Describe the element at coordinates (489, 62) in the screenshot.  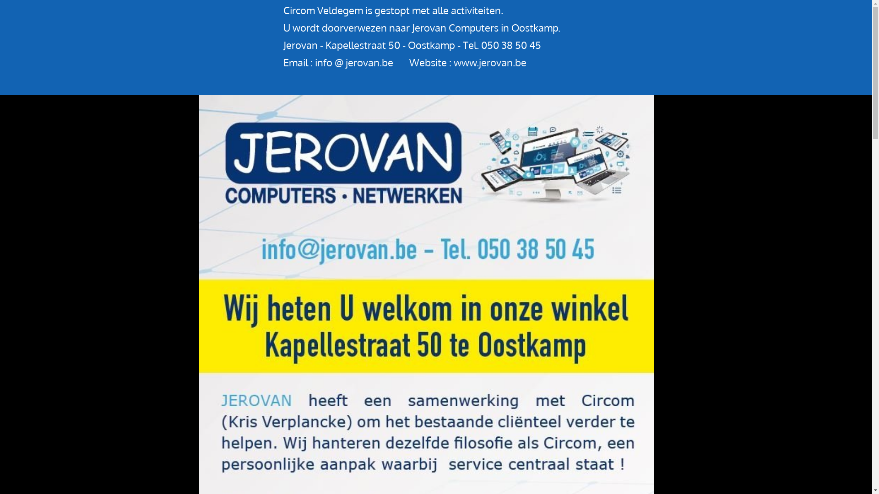
I see `'www.jerovan.be'` at that location.